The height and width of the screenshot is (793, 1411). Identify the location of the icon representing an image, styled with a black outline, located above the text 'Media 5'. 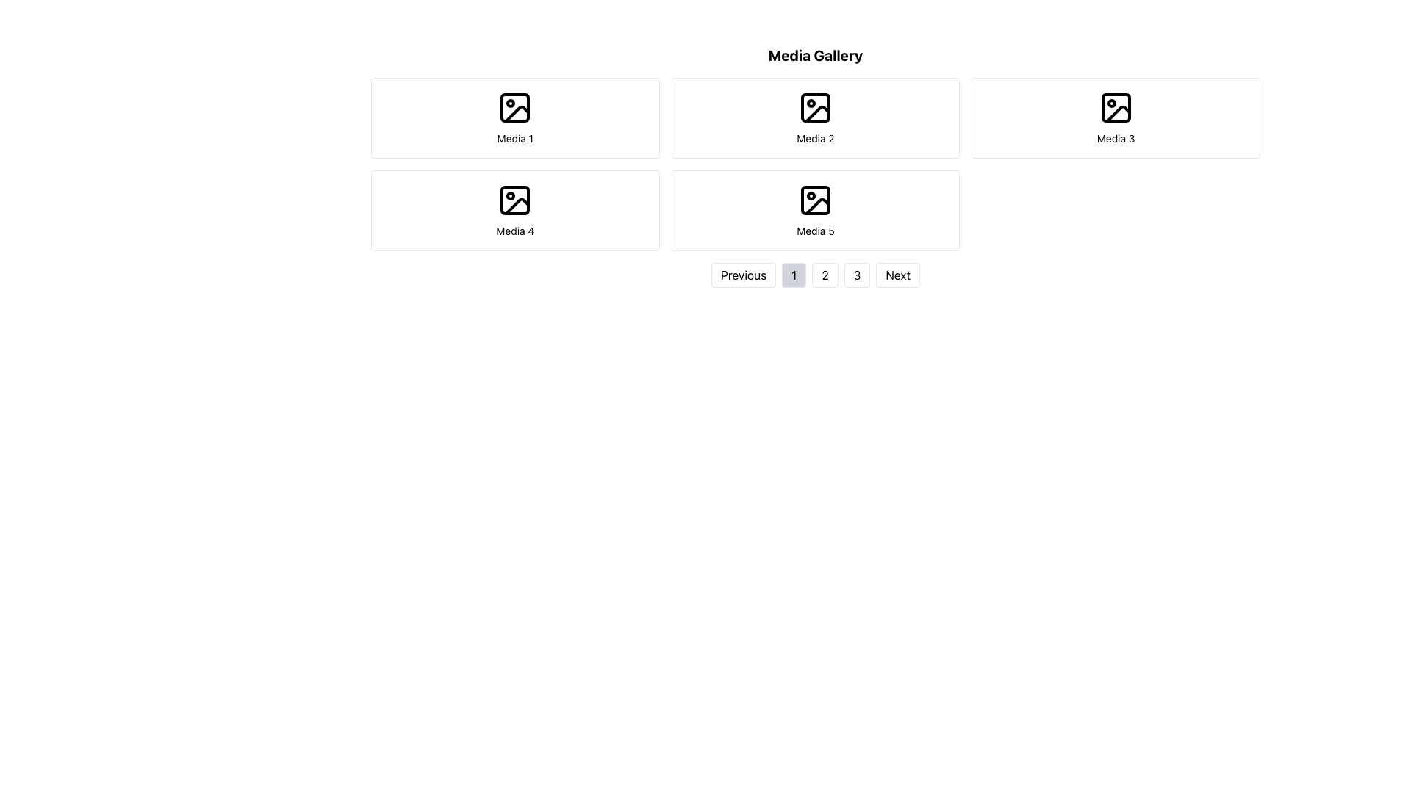
(814, 200).